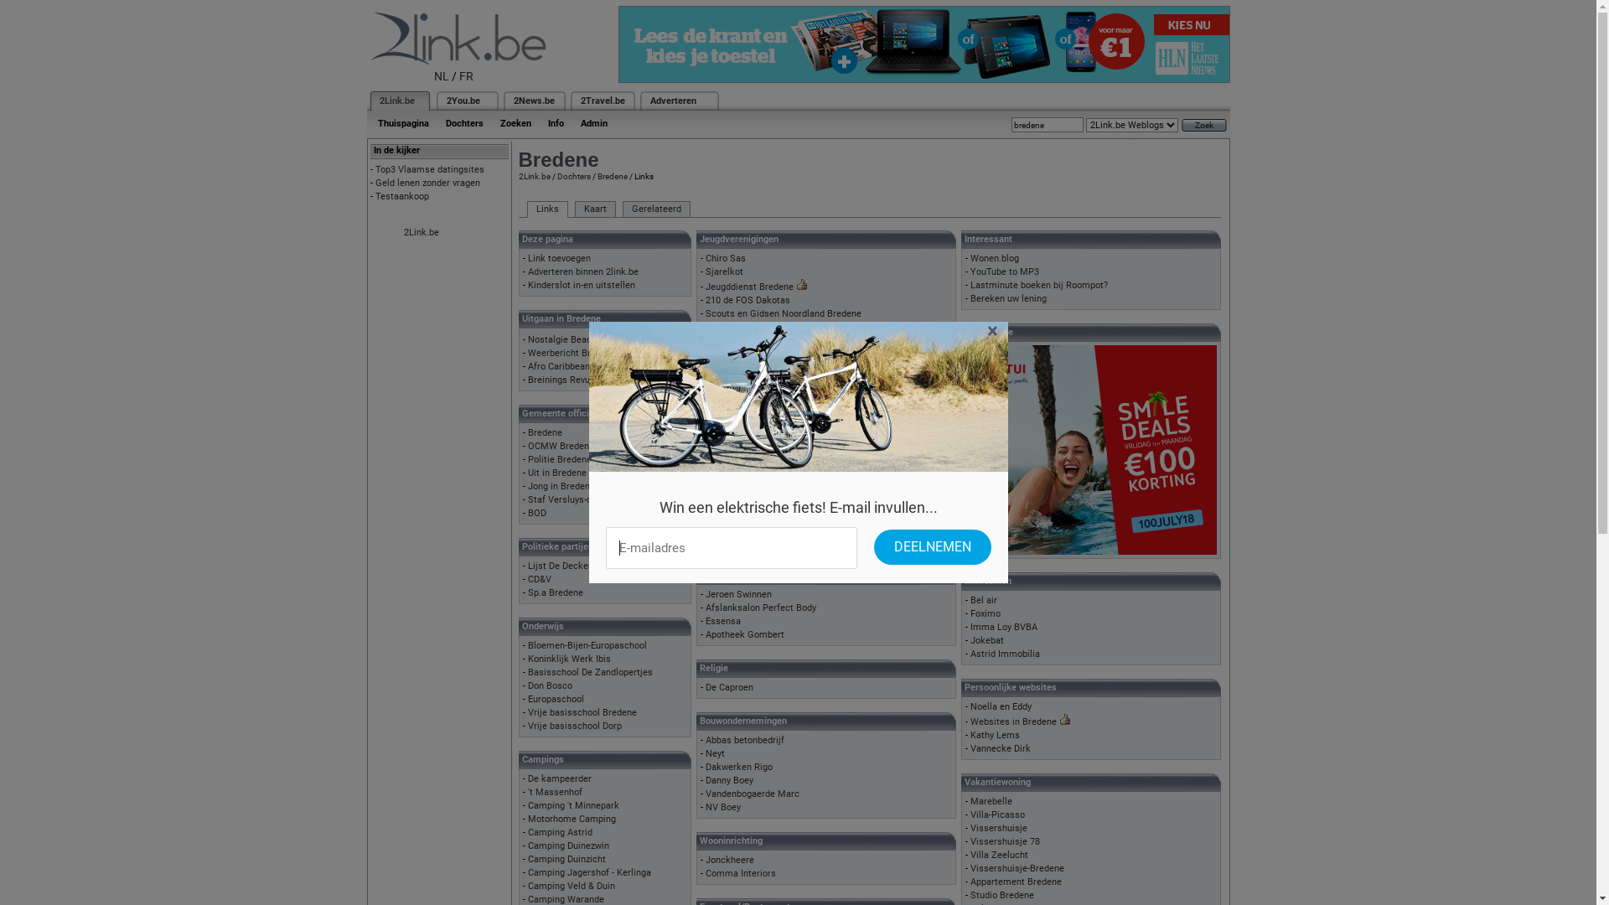 This screenshot has width=1609, height=905. Describe the element at coordinates (705, 634) in the screenshot. I see `'Apotheek Gombert'` at that location.